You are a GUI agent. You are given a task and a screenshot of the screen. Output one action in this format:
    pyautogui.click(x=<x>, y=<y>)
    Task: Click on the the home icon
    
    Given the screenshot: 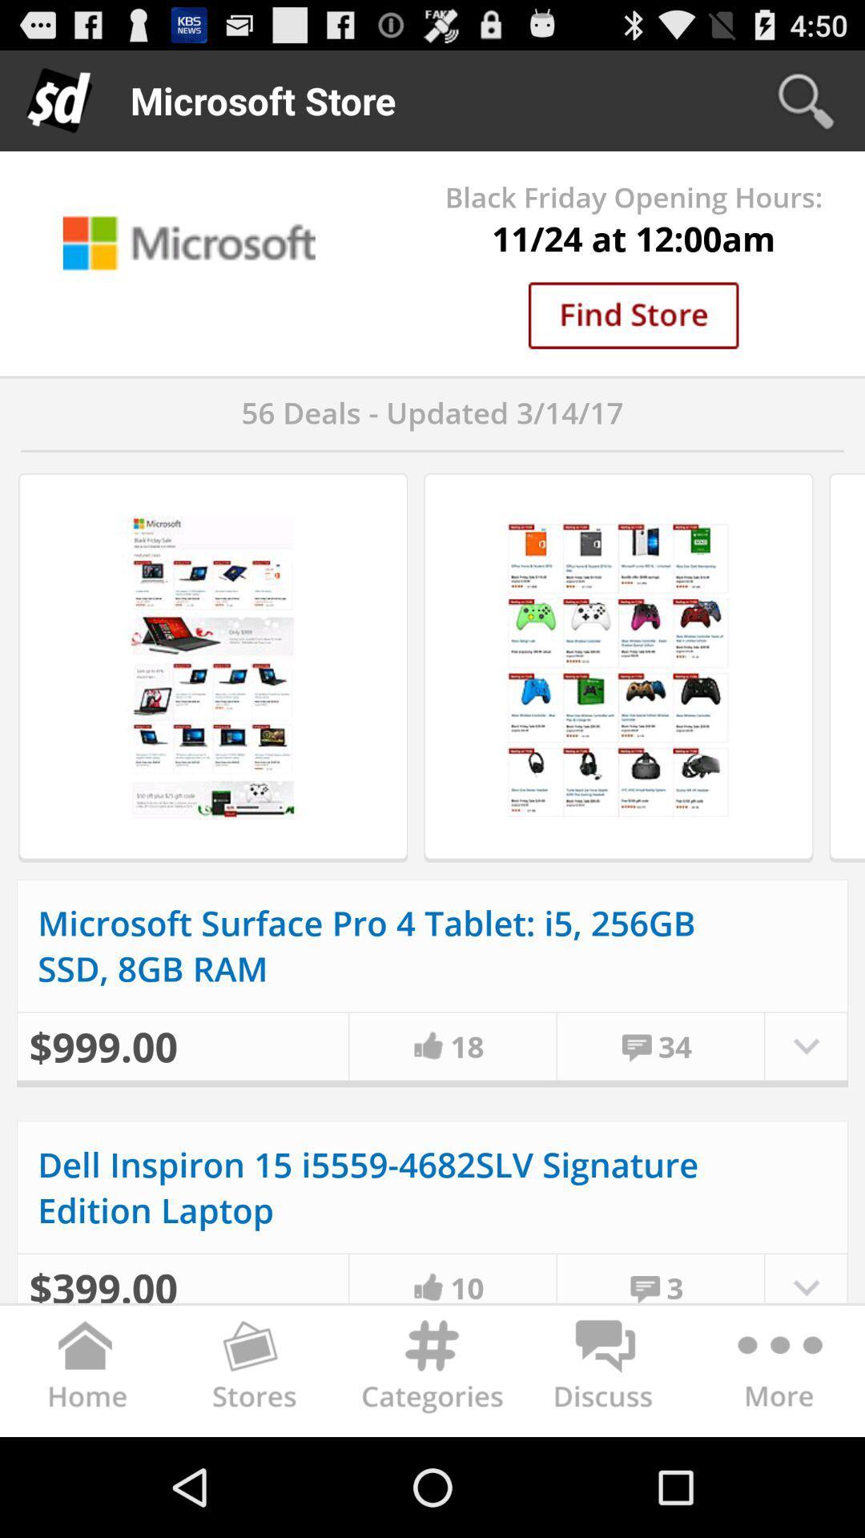 What is the action you would take?
    pyautogui.click(x=86, y=1471)
    